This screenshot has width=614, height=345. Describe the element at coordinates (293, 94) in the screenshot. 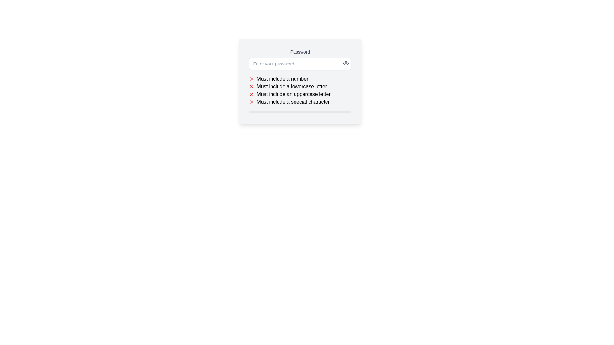

I see `the informational text indicating that the password must include at least one uppercase letter, which is the third item in the list of password validation requirements, to potentially receive additional information or a tooltip` at that location.